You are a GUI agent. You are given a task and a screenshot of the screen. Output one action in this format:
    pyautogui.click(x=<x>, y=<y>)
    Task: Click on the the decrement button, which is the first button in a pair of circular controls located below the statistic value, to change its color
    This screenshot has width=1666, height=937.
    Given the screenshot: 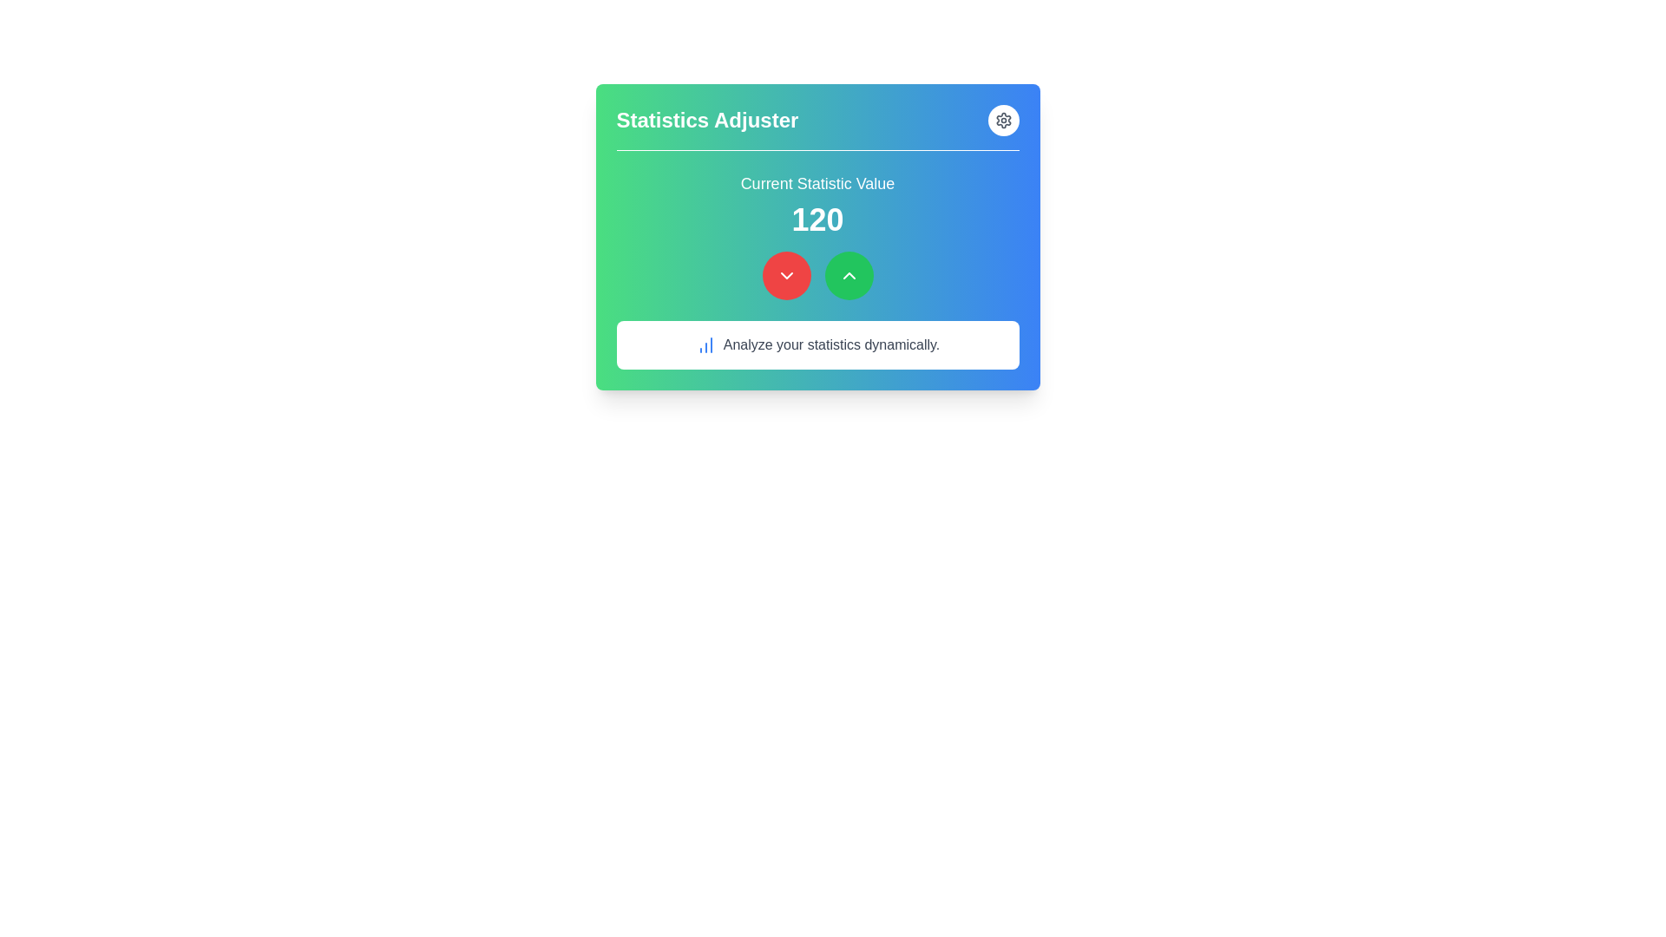 What is the action you would take?
    pyautogui.click(x=785, y=274)
    